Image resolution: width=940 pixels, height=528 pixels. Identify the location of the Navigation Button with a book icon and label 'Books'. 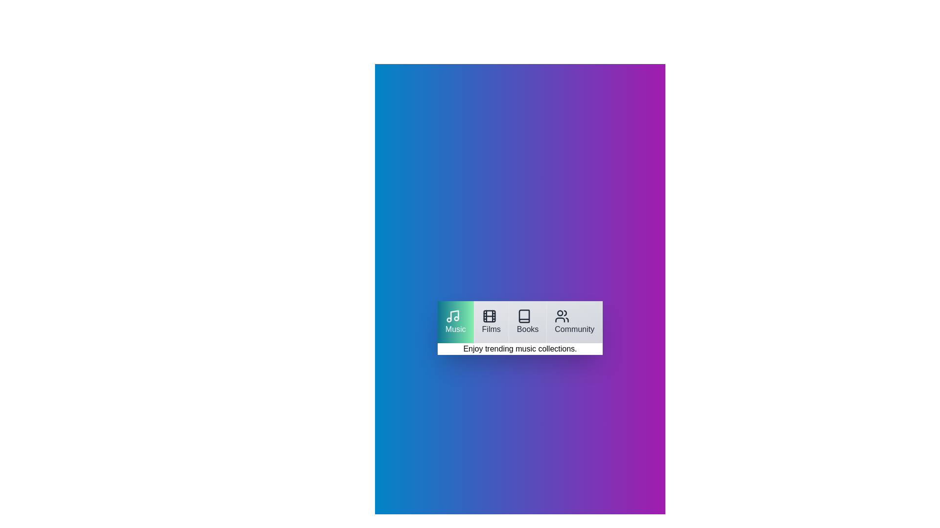
(527, 322).